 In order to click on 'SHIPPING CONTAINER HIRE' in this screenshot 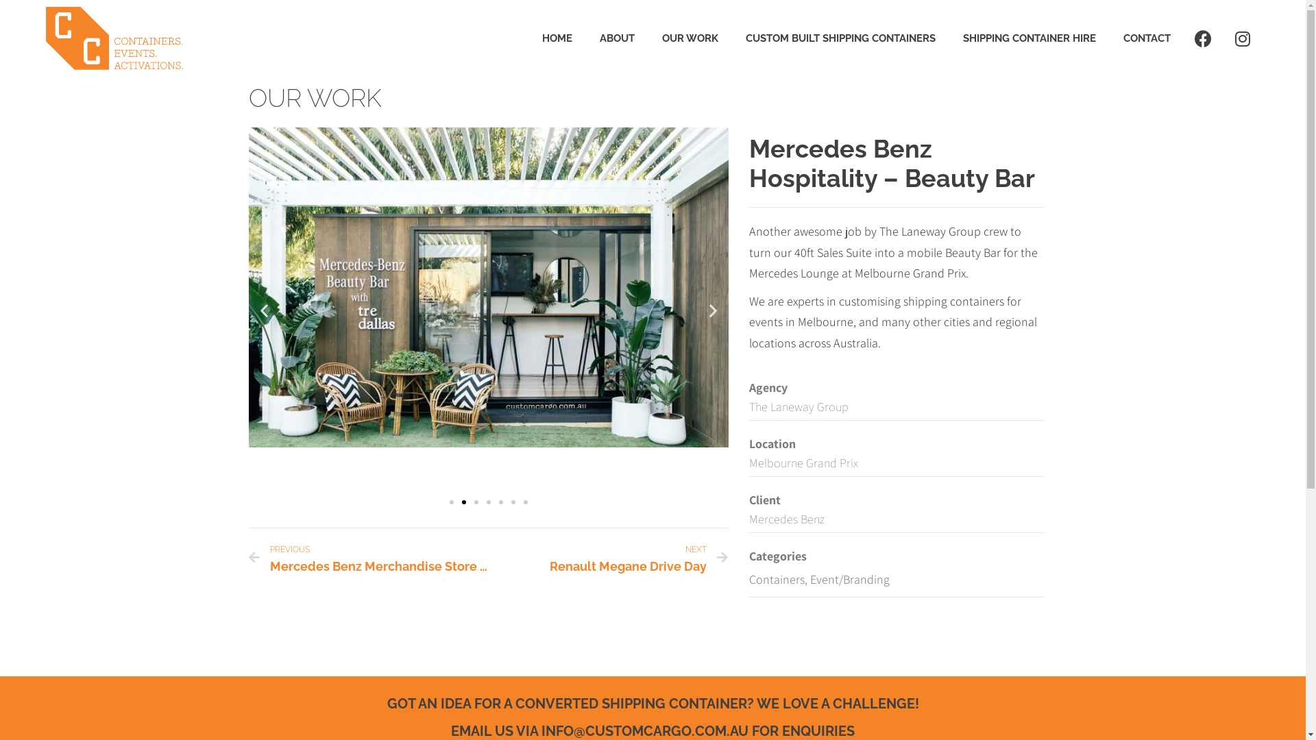, I will do `click(1029, 38)`.